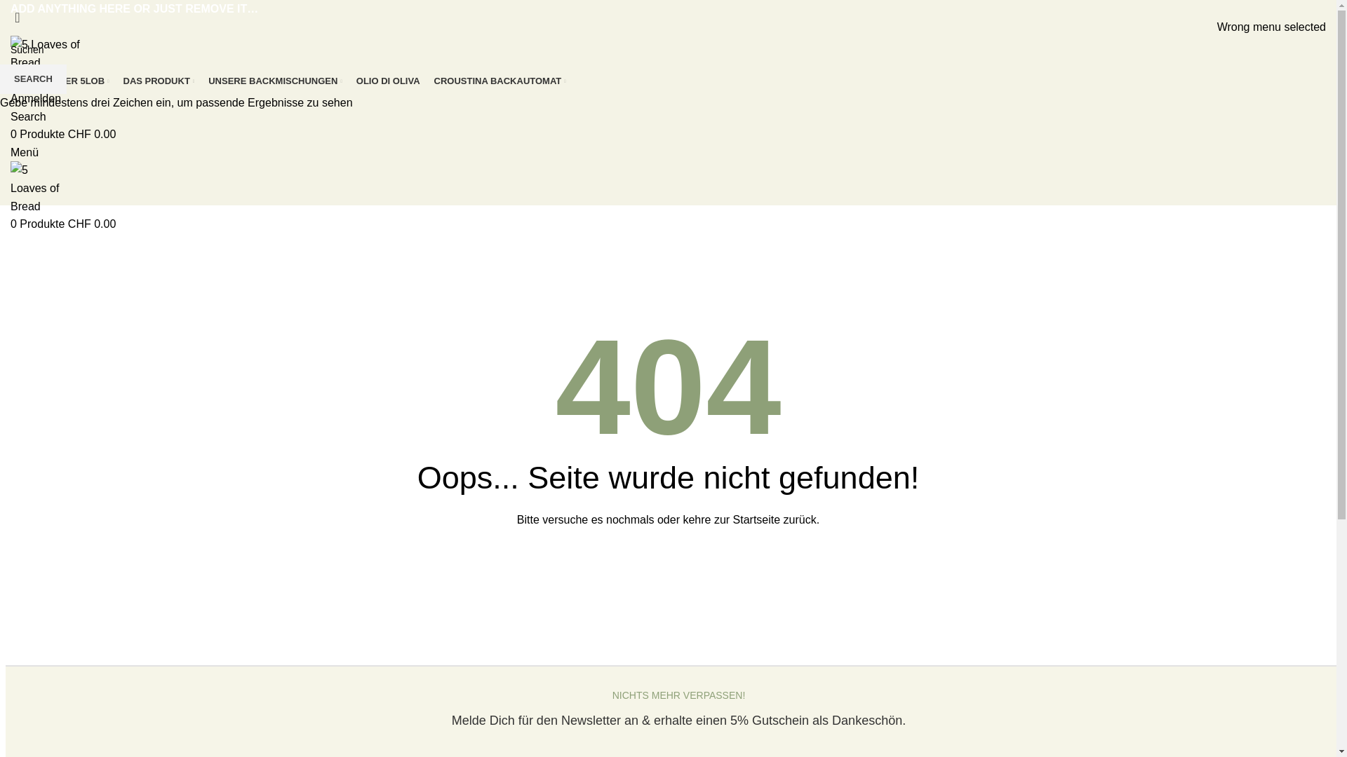  What do you see at coordinates (62, 134) in the screenshot?
I see `'0 Produkte CHF 0.00'` at bounding box center [62, 134].